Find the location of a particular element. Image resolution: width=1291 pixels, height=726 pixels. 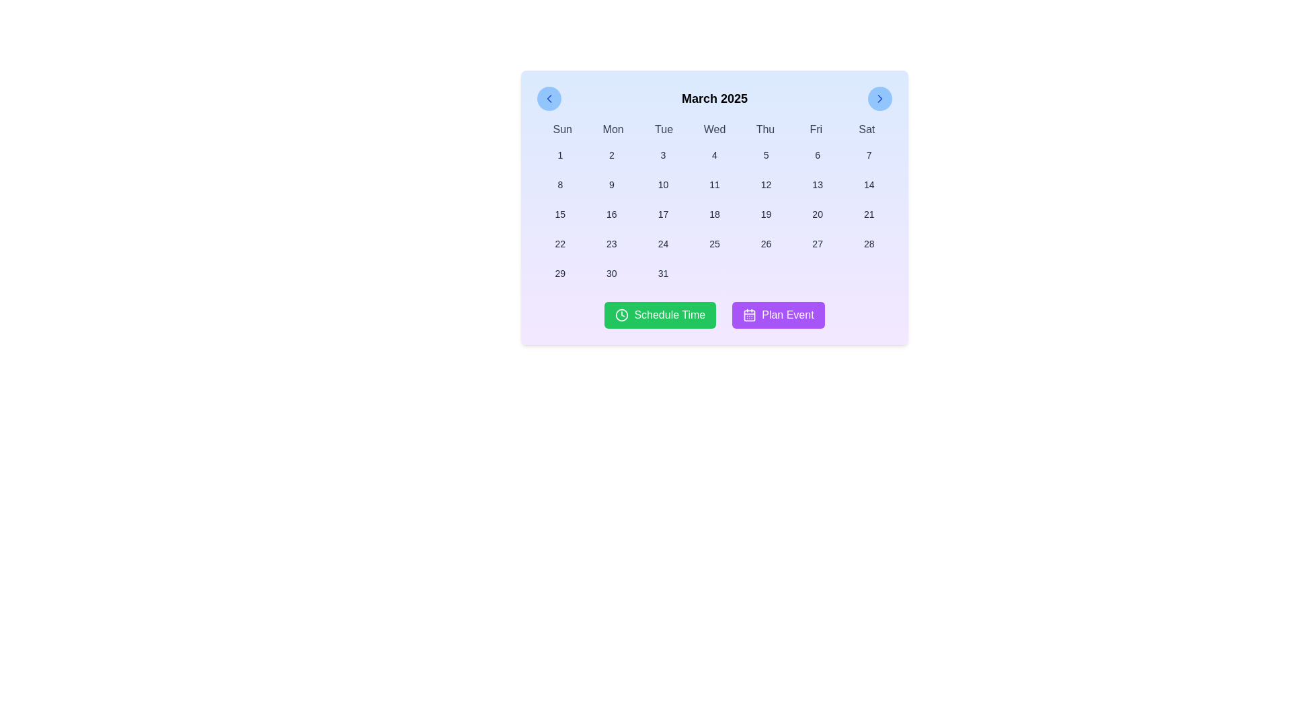

the Text label indicating Sunday, which is the first day of the week in the calendar's grid layout is located at coordinates (562, 129).